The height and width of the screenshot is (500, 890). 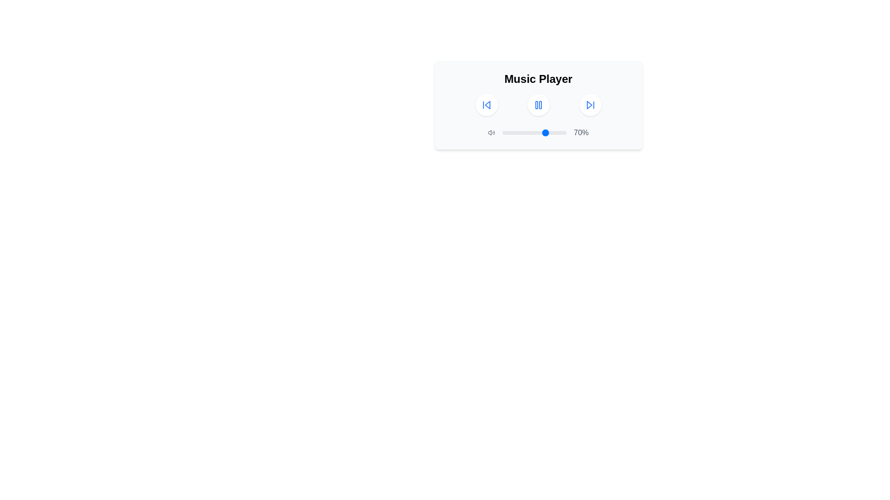 I want to click on the triangular-shaped icon inside the skip-forward button located at the top center of the music player interface, so click(x=589, y=105).